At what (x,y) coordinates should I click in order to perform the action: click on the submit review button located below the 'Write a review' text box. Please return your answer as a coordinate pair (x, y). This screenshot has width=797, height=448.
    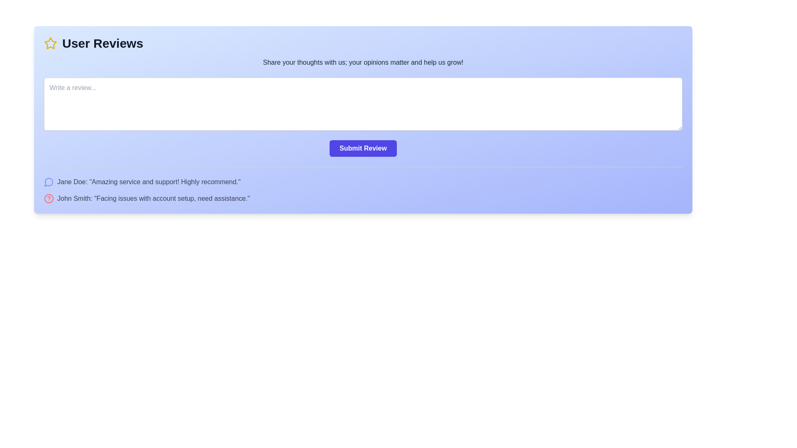
    Looking at the image, I should click on (363, 148).